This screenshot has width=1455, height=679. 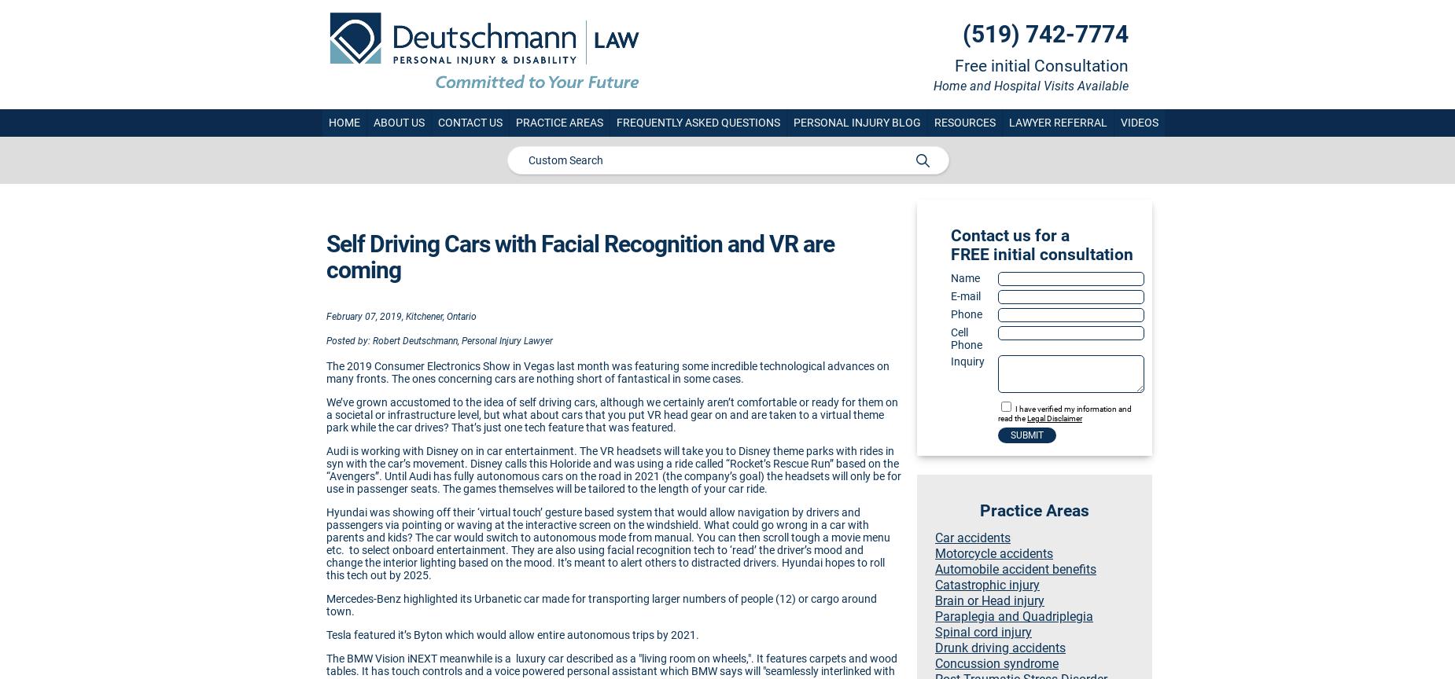 I want to click on 'Mercedes-Benz highlighted its Urbanetic car made for transporting larger numbers of people (12) or cargo around town.', so click(x=325, y=603).